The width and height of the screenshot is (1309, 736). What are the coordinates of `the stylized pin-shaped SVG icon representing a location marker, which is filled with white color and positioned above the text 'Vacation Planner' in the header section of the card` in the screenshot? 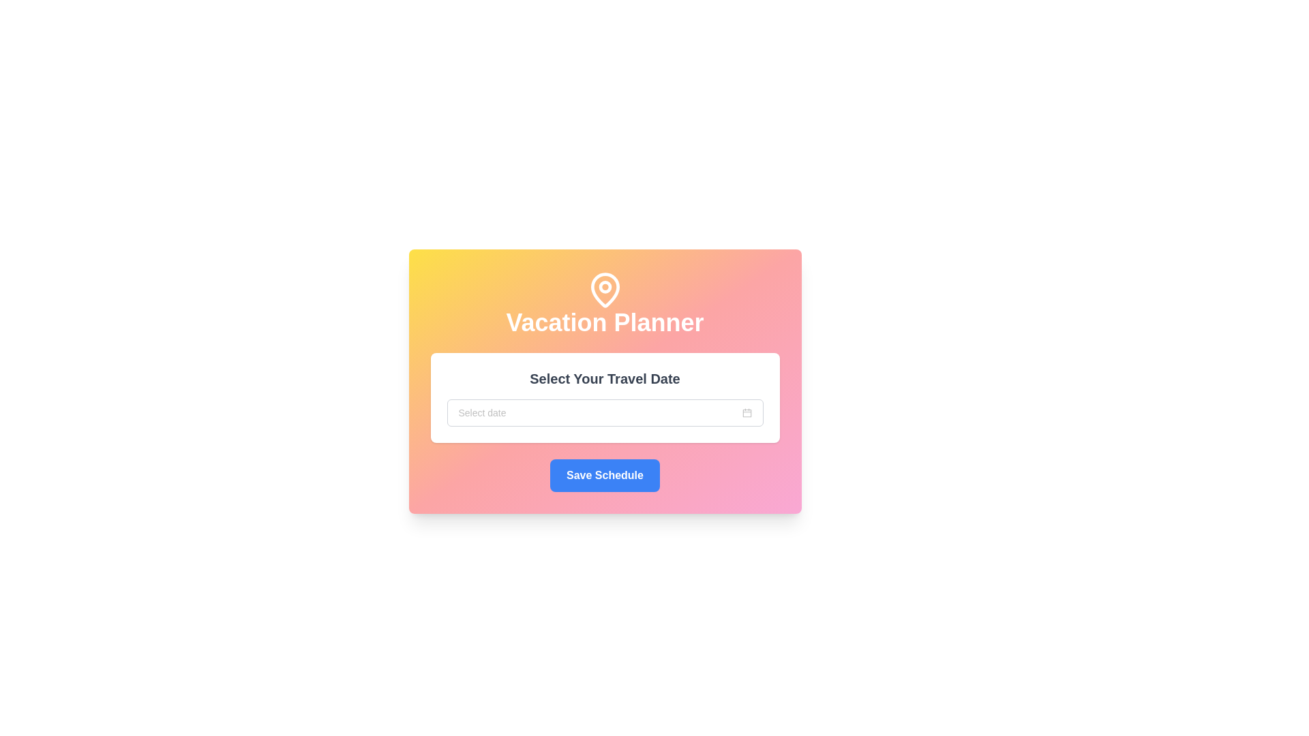 It's located at (604, 289).